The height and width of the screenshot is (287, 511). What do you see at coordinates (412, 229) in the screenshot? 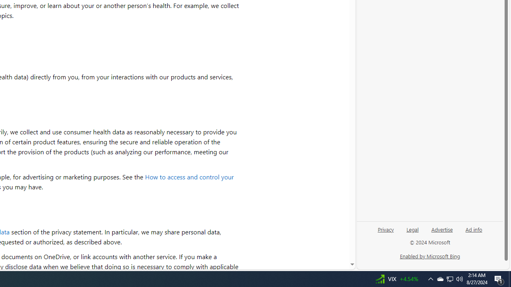
I see `'Legal'` at bounding box center [412, 229].